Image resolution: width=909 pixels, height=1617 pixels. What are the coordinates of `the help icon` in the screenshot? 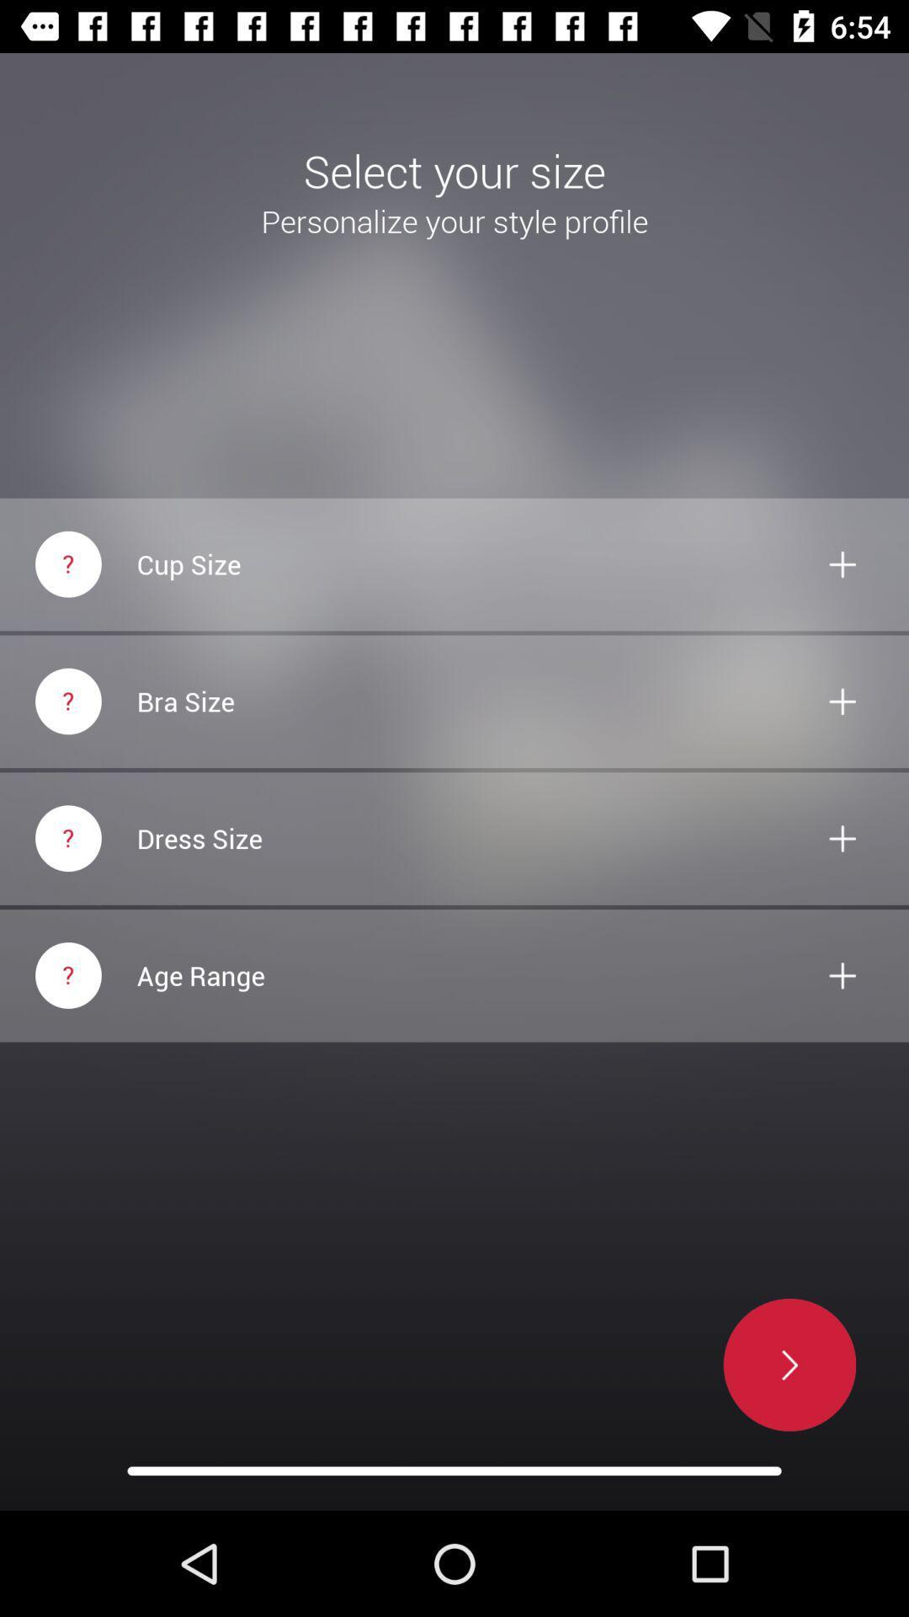 It's located at (67, 564).